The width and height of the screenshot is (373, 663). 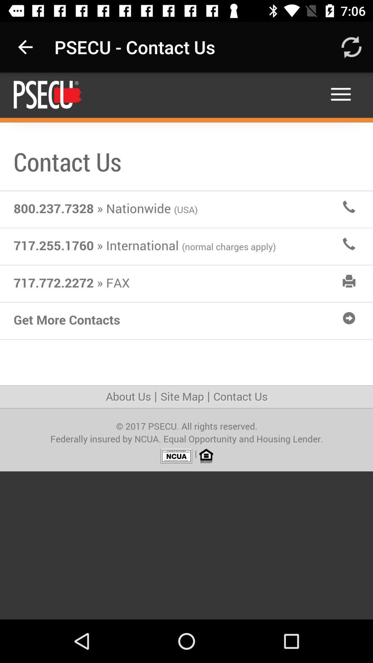 What do you see at coordinates (186, 346) in the screenshot?
I see `contact info` at bounding box center [186, 346].